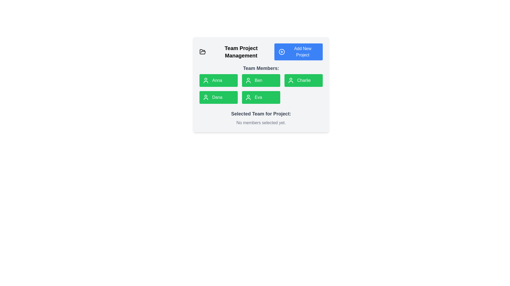 This screenshot has height=286, width=510. Describe the element at coordinates (298, 52) in the screenshot. I see `the interactive button with a blue background and white text labeled 'Add New Project' to change its visual state` at that location.